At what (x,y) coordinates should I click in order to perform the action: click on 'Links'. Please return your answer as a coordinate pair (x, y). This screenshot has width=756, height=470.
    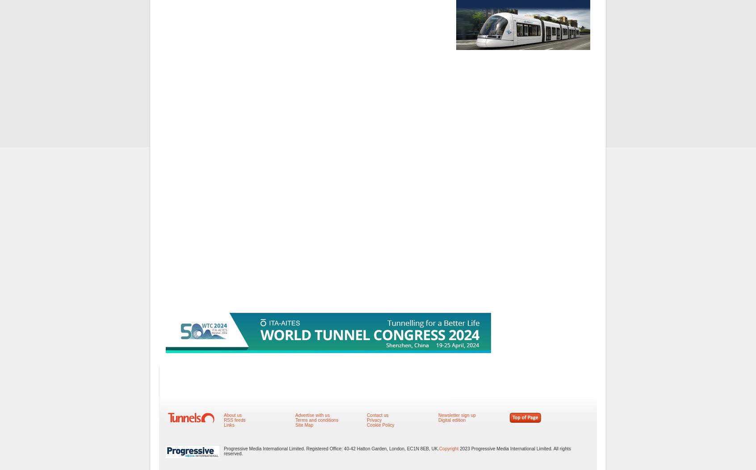
    Looking at the image, I should click on (229, 424).